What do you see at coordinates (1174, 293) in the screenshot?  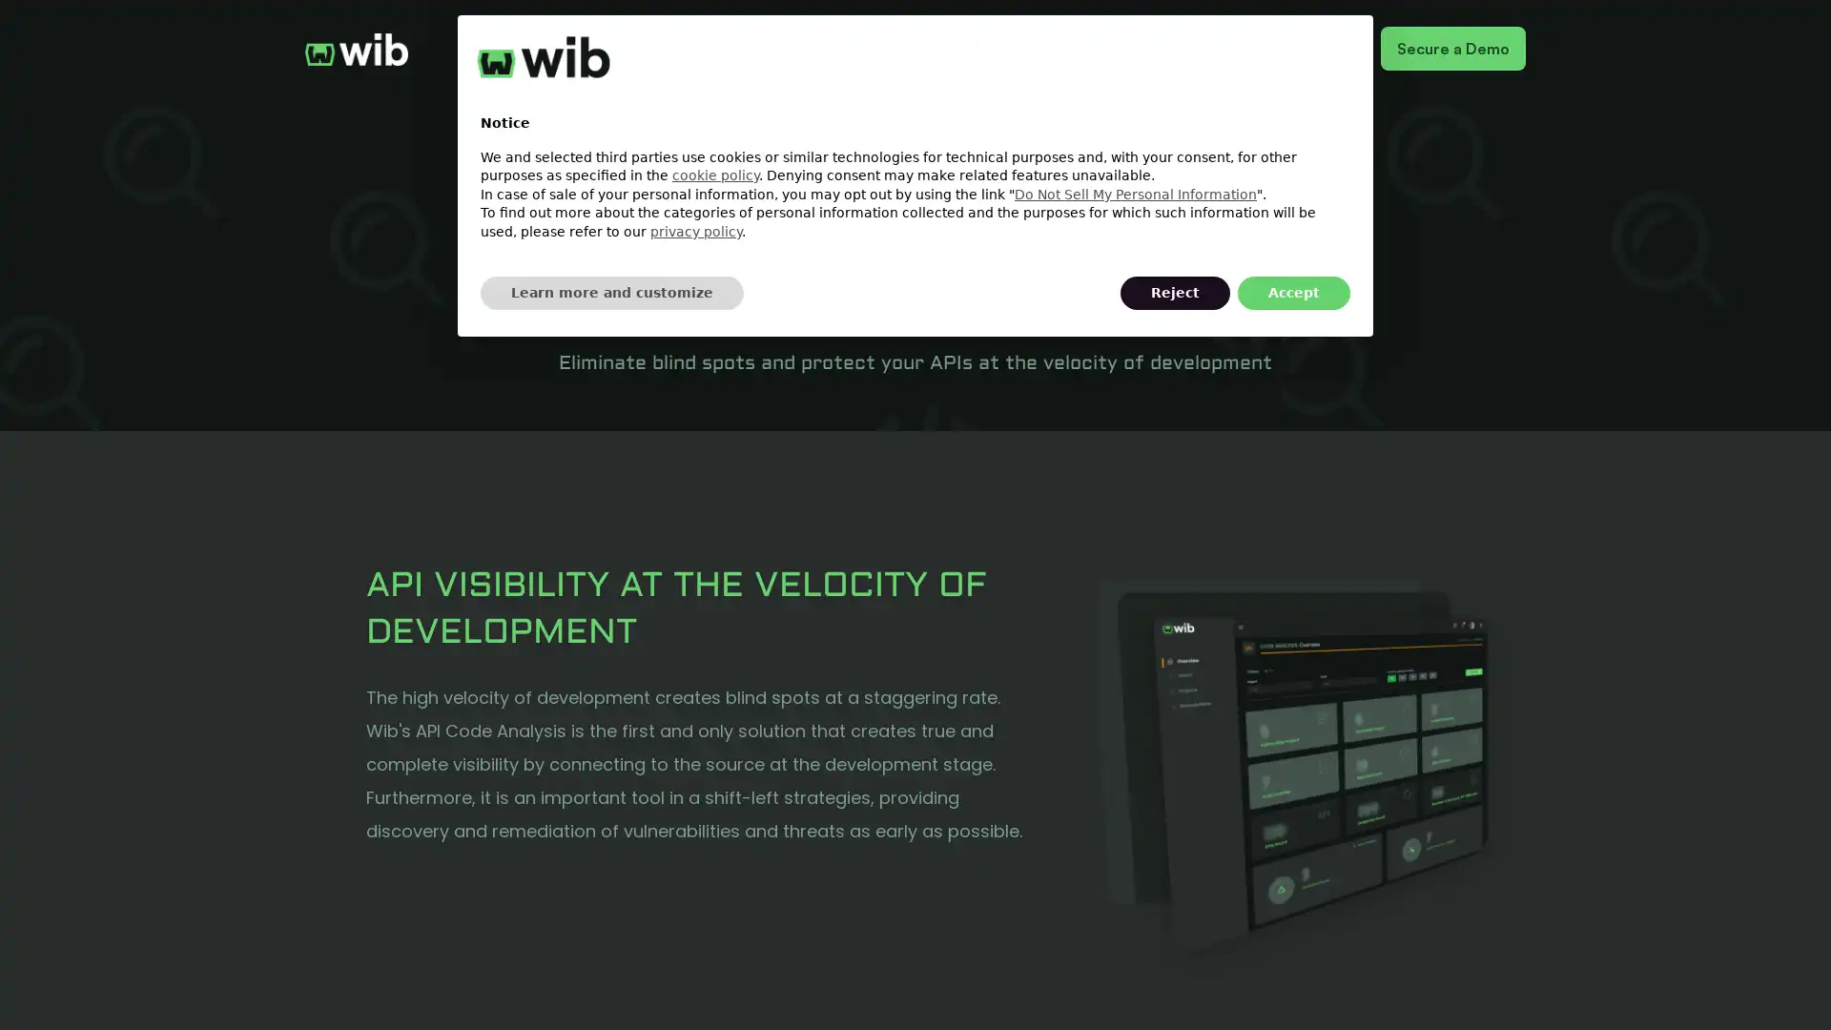 I see `Reject` at bounding box center [1174, 293].